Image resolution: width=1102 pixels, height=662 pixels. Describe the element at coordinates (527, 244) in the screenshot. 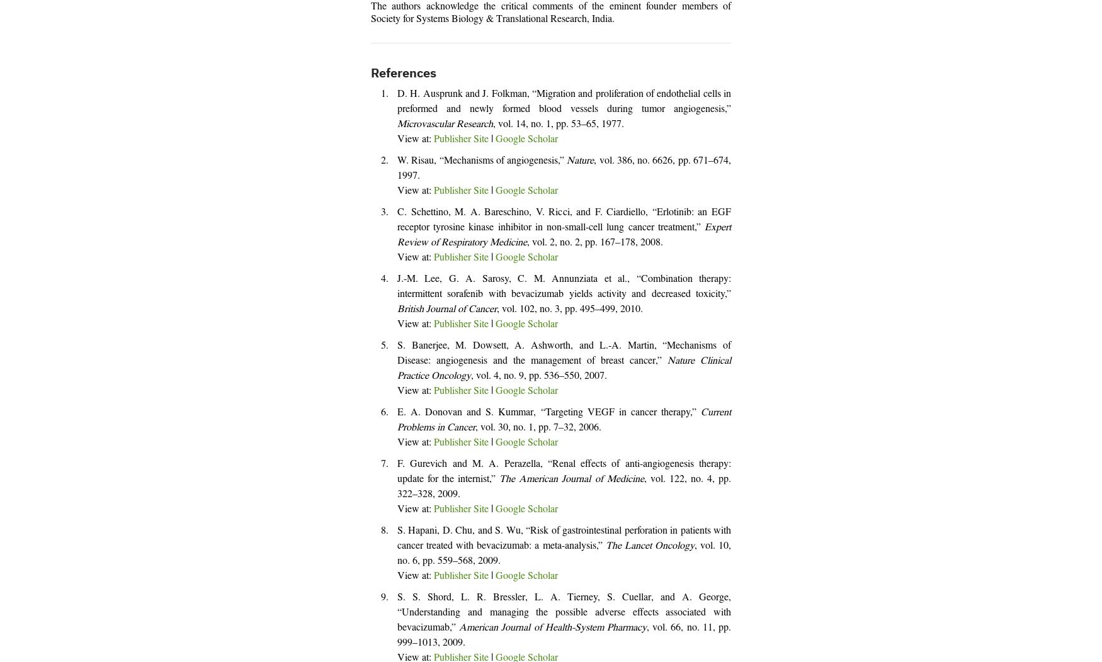

I see `', vol. 2, no. 2, pp. 167–178, 2008.'` at that location.